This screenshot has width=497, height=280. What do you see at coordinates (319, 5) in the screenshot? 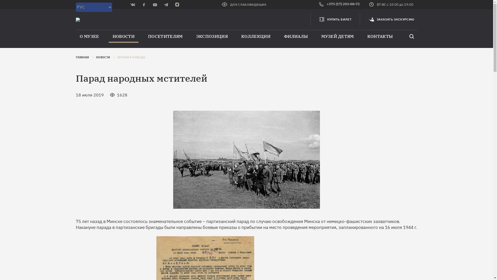
I see `'+375 (17) 203-08-72'` at bounding box center [319, 5].